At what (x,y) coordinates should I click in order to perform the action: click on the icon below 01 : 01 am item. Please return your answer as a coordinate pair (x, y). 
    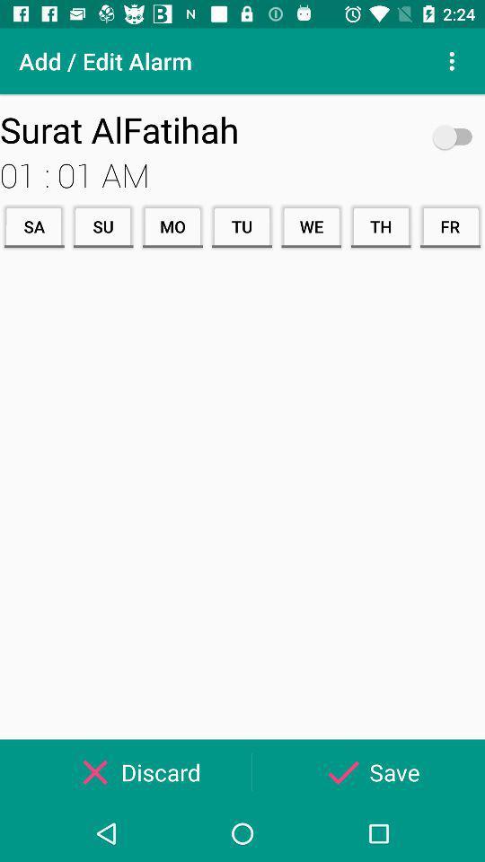
    Looking at the image, I should click on (449, 225).